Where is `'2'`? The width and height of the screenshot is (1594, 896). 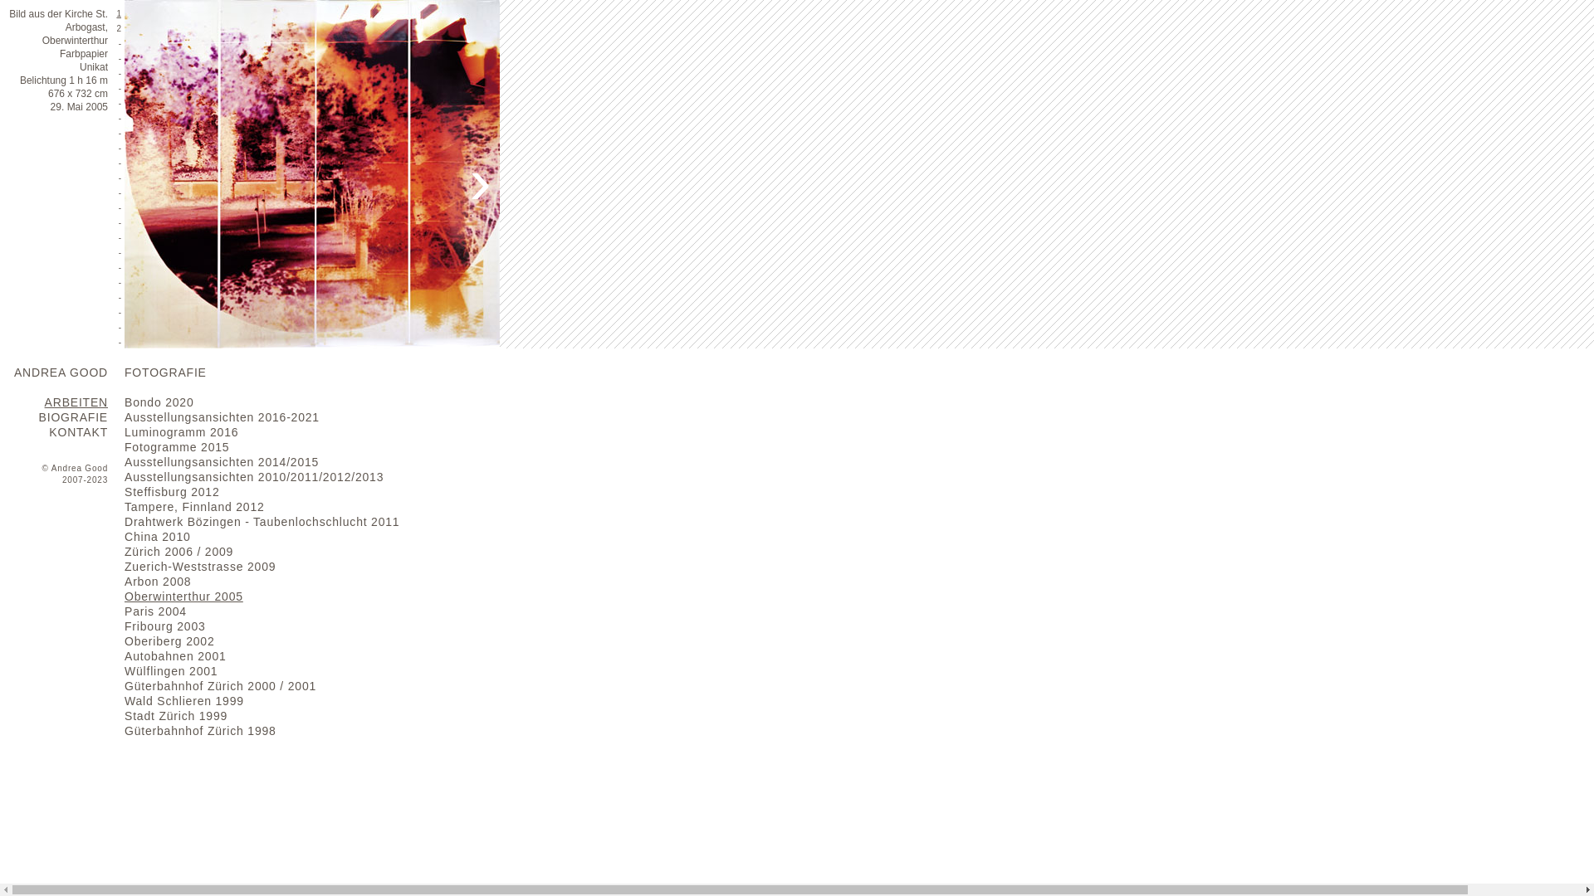
'2' is located at coordinates (118, 28).